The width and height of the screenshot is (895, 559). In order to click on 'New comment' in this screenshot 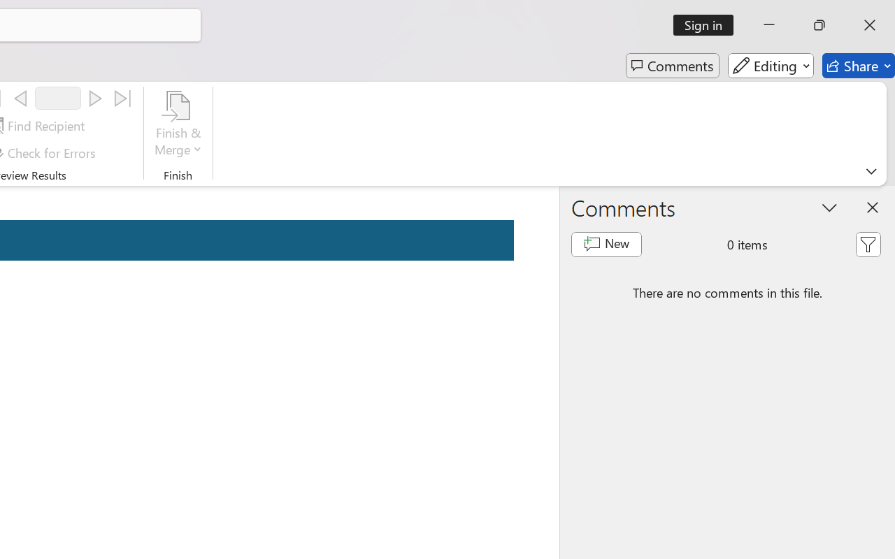, I will do `click(606, 245)`.